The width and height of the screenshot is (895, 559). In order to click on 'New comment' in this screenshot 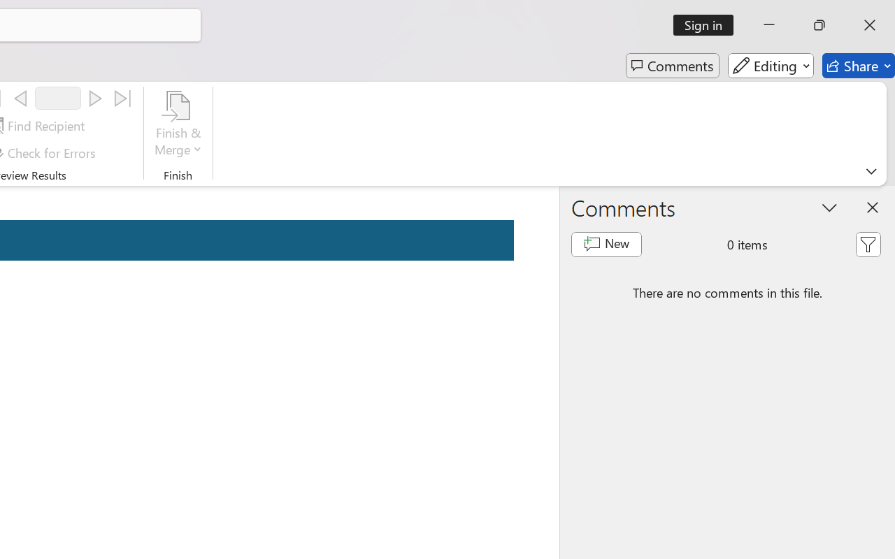, I will do `click(606, 245)`.